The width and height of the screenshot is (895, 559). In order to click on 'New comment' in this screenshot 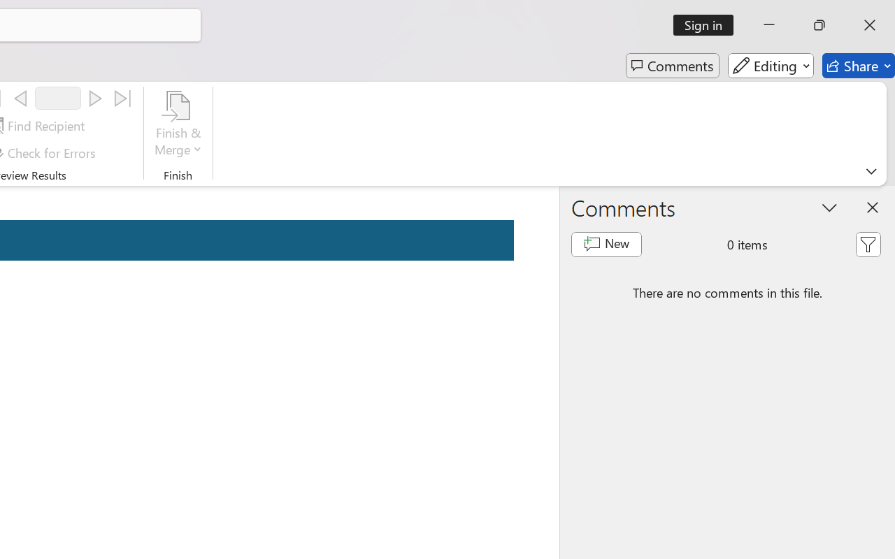, I will do `click(606, 245)`.